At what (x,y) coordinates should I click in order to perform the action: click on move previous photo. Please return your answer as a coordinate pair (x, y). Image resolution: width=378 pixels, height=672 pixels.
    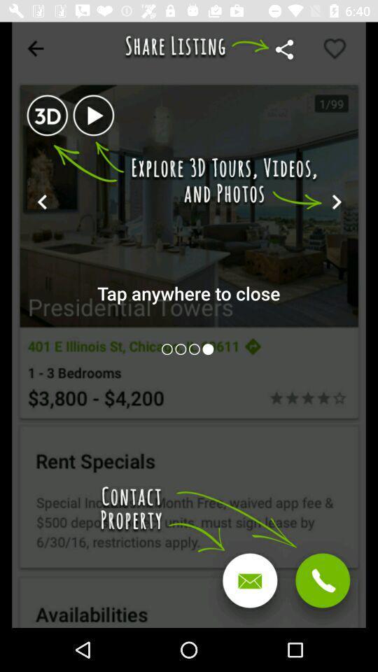
    Looking at the image, I should click on (195, 349).